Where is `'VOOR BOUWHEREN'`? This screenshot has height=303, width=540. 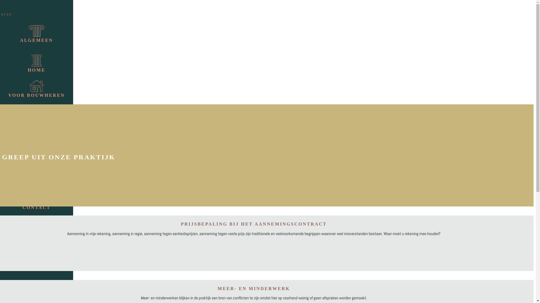
'VOOR BOUWHEREN' is located at coordinates (36, 88).